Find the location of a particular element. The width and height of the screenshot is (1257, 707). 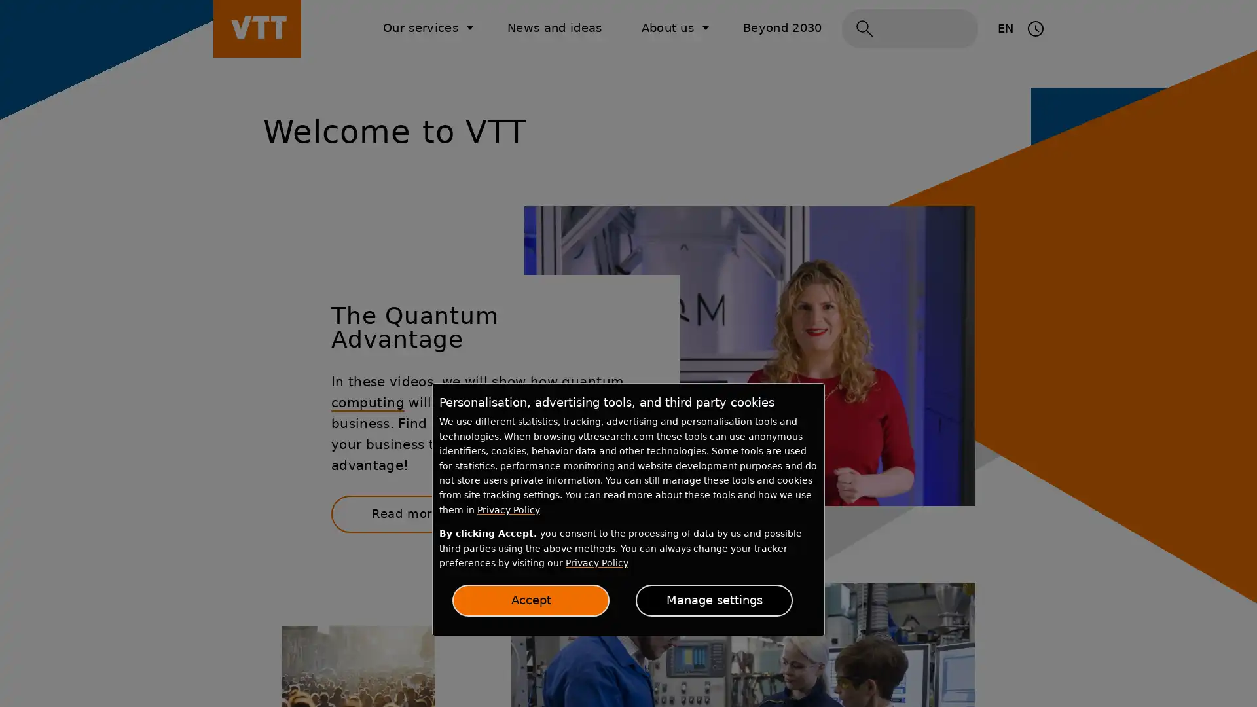

Accept is located at coordinates (531, 600).